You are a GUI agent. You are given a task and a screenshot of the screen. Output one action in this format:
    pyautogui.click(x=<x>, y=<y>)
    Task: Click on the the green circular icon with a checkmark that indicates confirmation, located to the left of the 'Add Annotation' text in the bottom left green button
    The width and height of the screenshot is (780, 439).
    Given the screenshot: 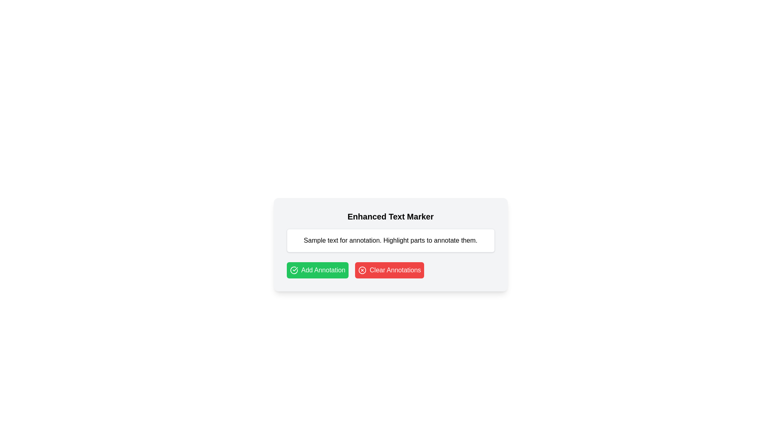 What is the action you would take?
    pyautogui.click(x=293, y=270)
    